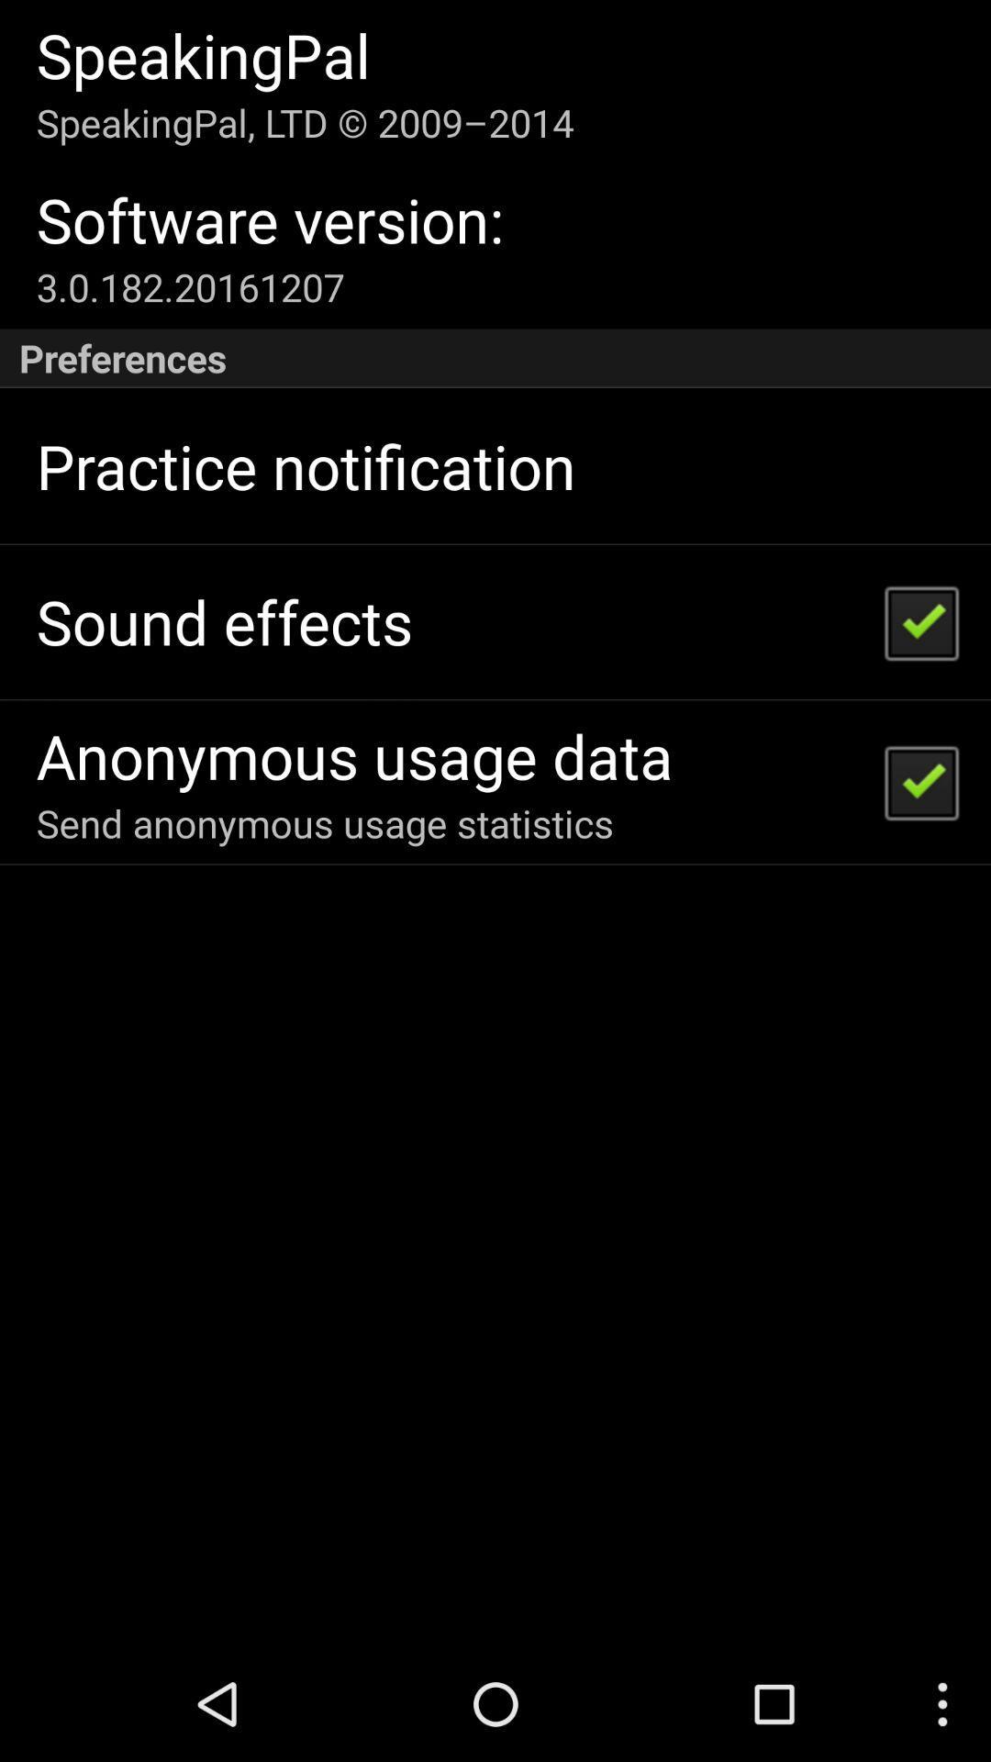 The image size is (991, 1762). Describe the element at coordinates (190, 285) in the screenshot. I see `the 3 0 182 item` at that location.